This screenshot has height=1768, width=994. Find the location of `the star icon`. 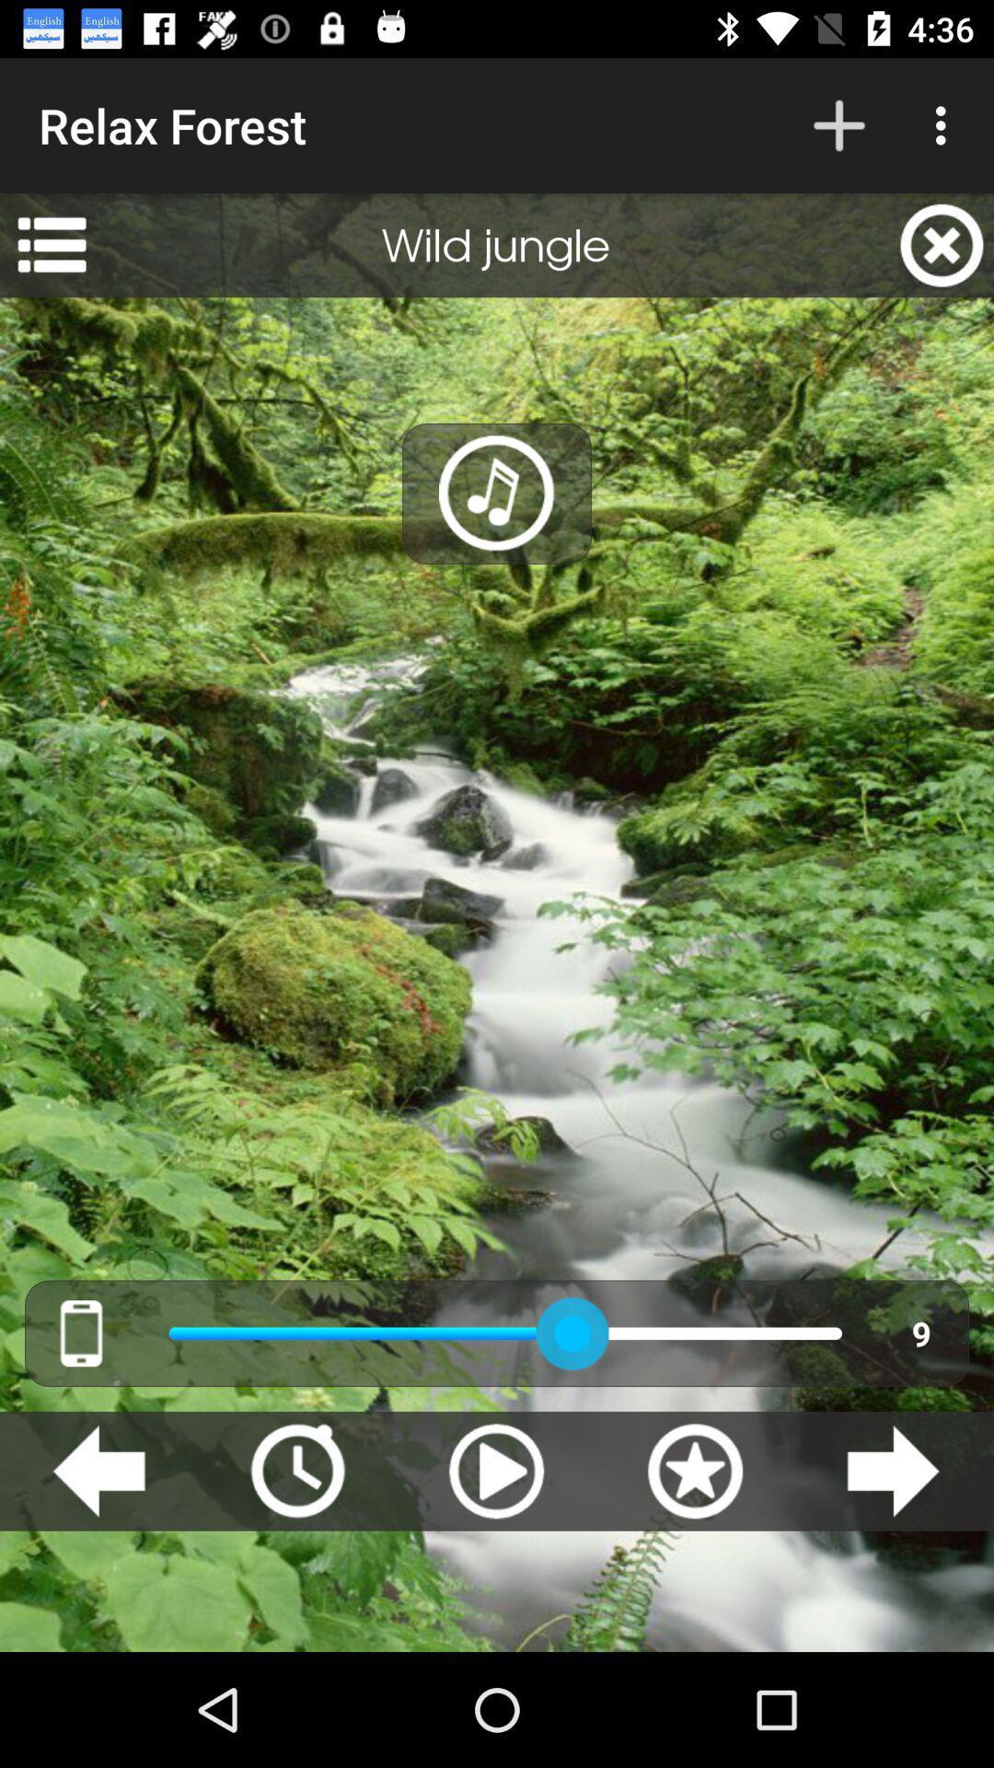

the star icon is located at coordinates (695, 1470).